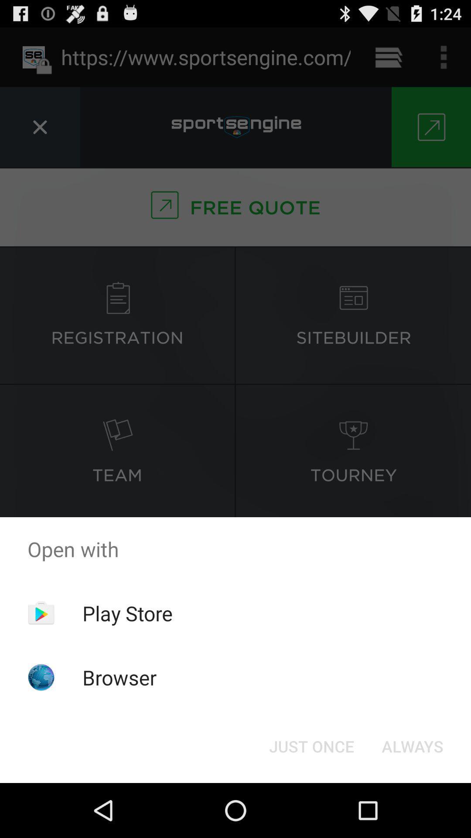 The height and width of the screenshot is (838, 471). Describe the element at coordinates (412, 745) in the screenshot. I see `item next to just once item` at that location.